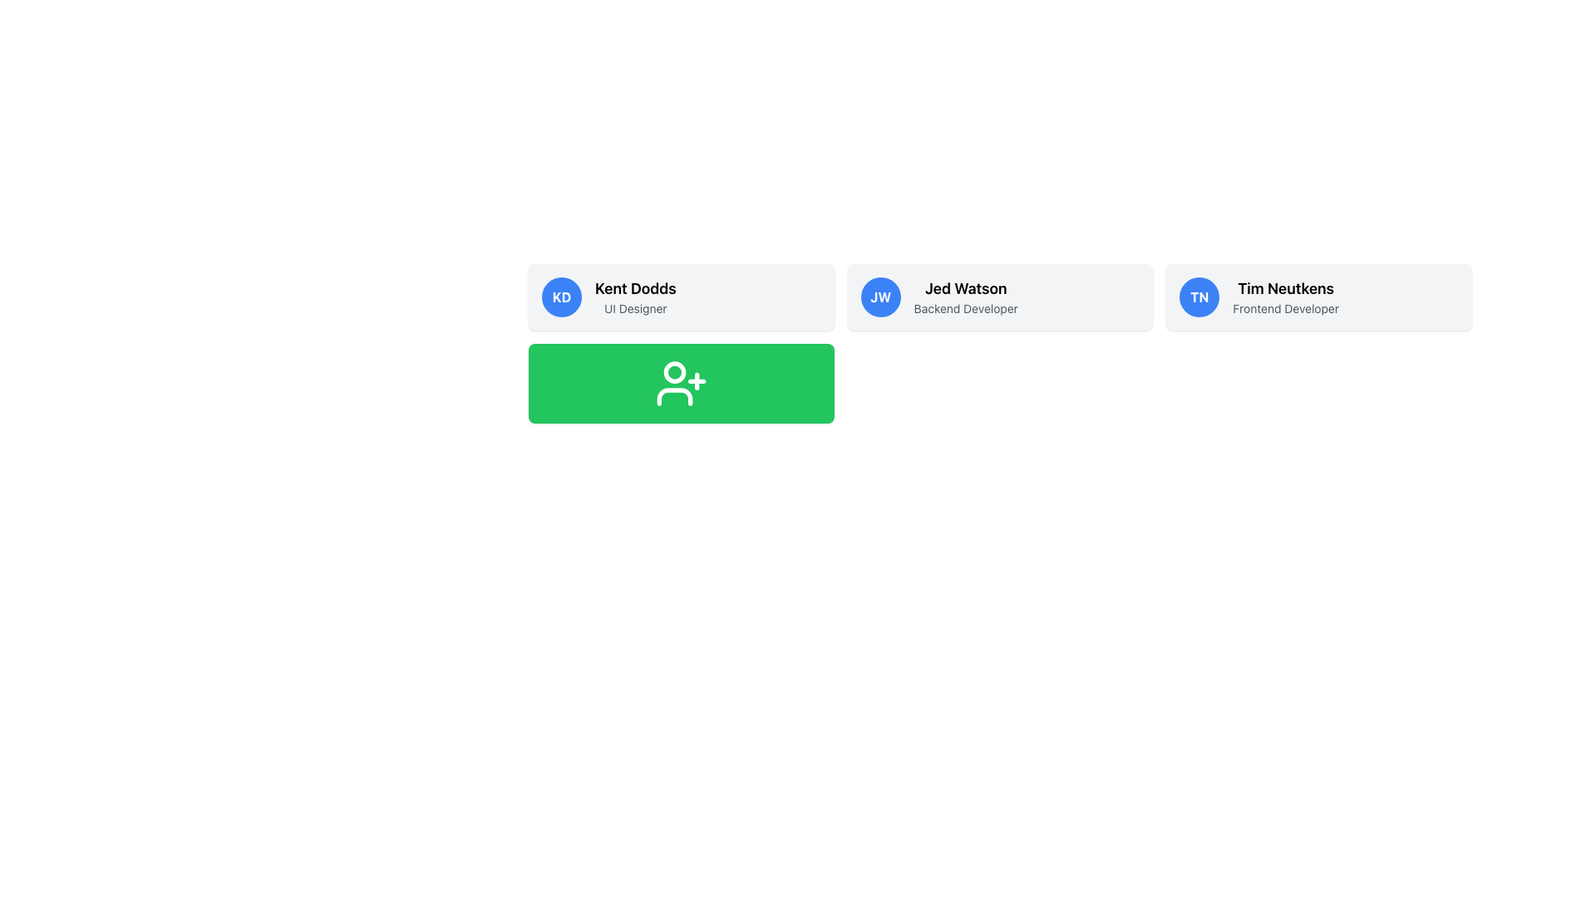 The width and height of the screenshot is (1596, 897). What do you see at coordinates (966, 287) in the screenshot?
I see `the text label displaying 'Jed Watson', which is part of the second user profile card and is centrally aligned at the top of the card` at bounding box center [966, 287].